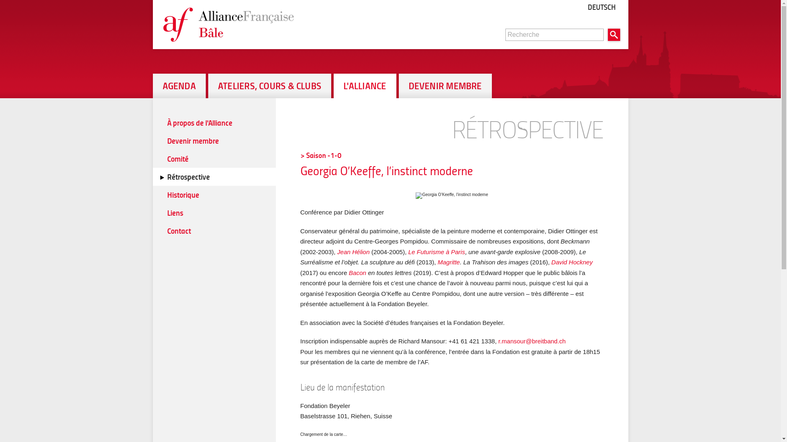 This screenshot has height=442, width=787. Describe the element at coordinates (364, 86) in the screenshot. I see `'L'ALLIANCE'` at that location.